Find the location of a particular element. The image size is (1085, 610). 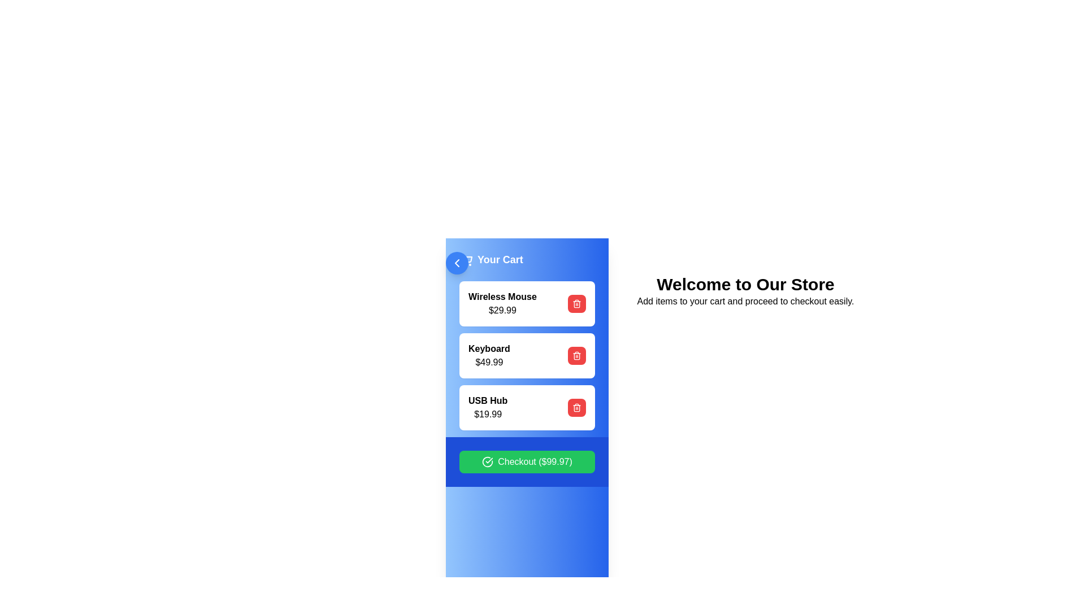

the Item card labeled 'Keyboard' which is the second card in the vertical list within the blue sidebar is located at coordinates (526, 355).